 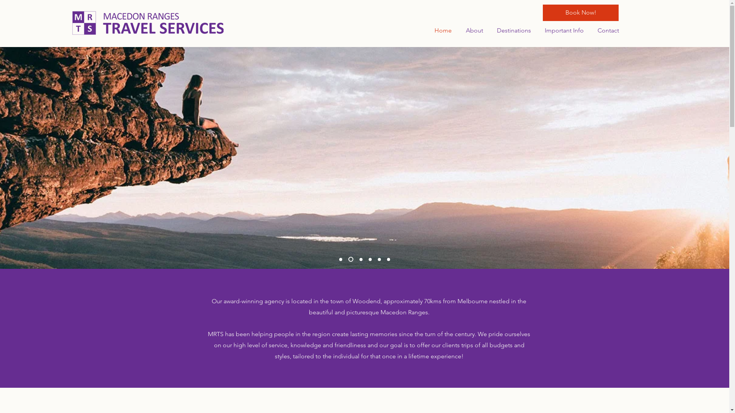 I want to click on 'About', so click(x=473, y=30).